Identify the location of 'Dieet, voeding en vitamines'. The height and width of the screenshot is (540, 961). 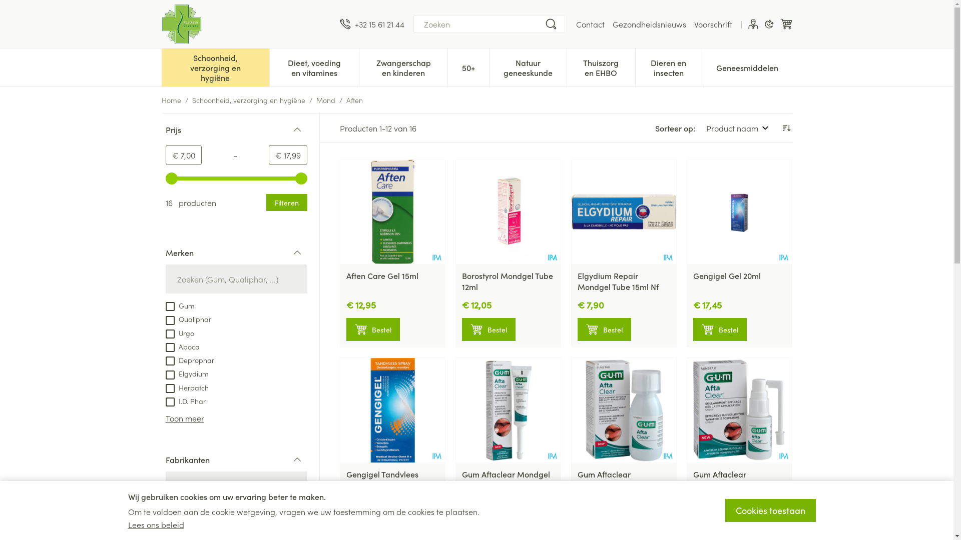
(314, 66).